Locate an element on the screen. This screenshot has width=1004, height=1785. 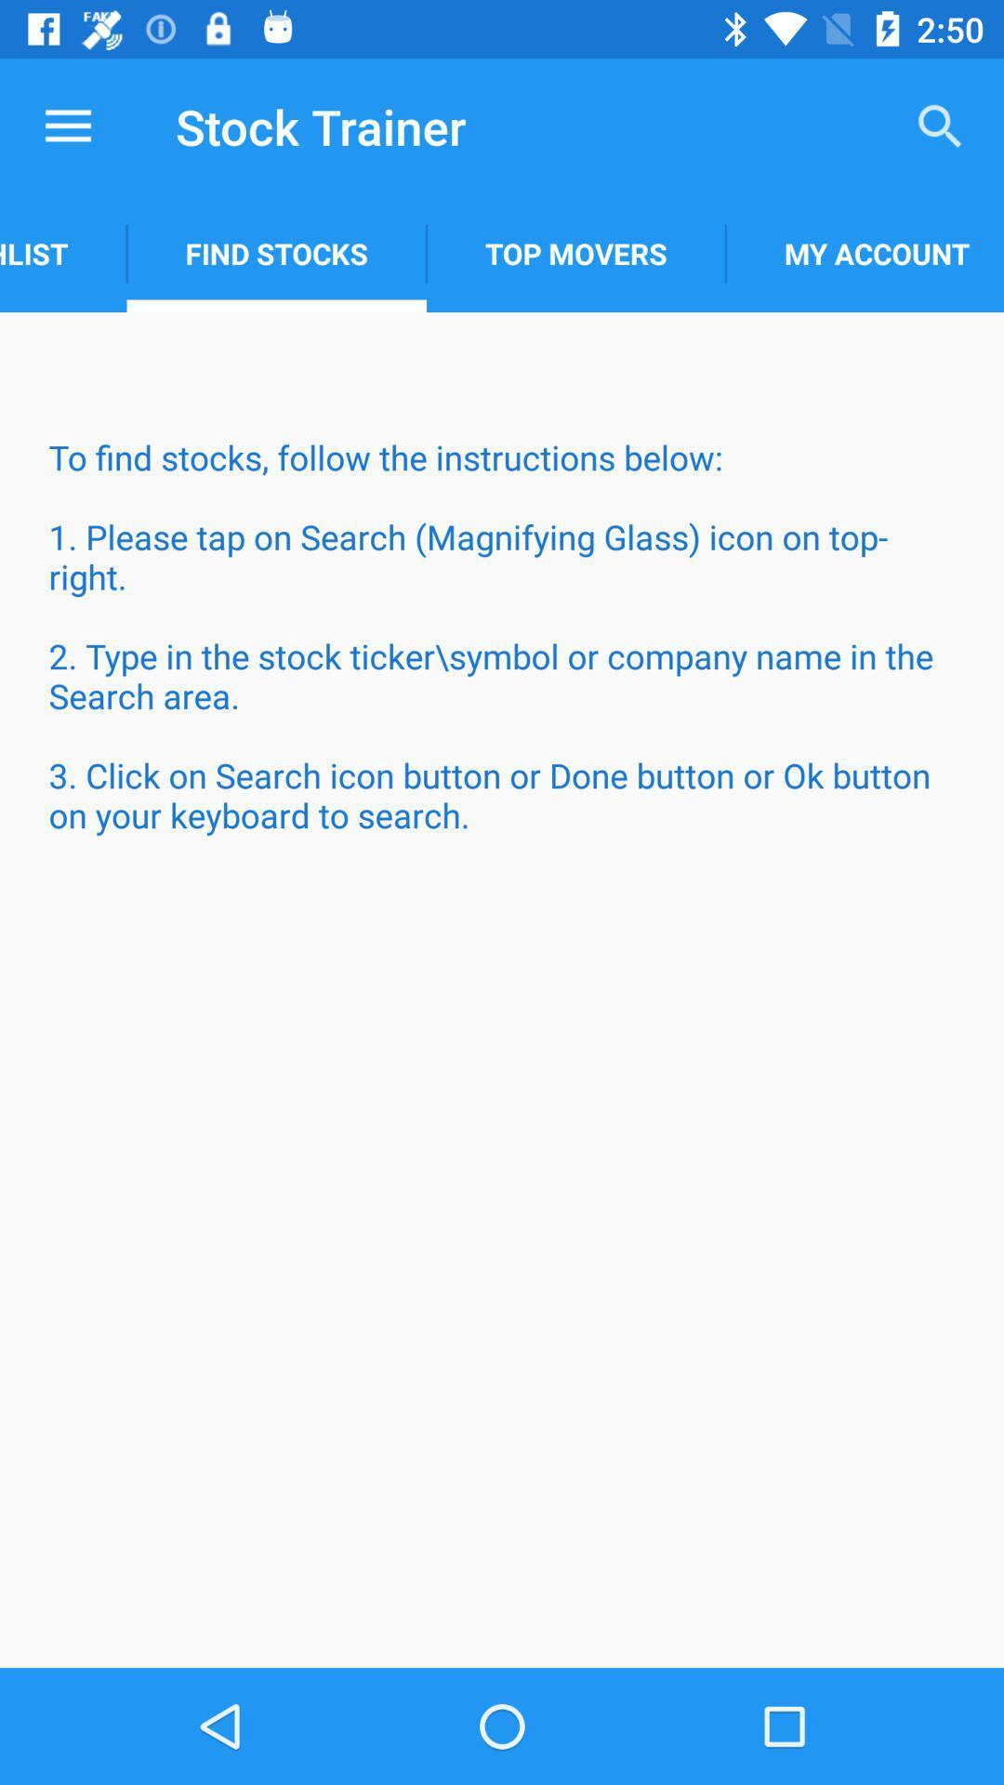
icon to the right of the find stocks is located at coordinates (575, 253).